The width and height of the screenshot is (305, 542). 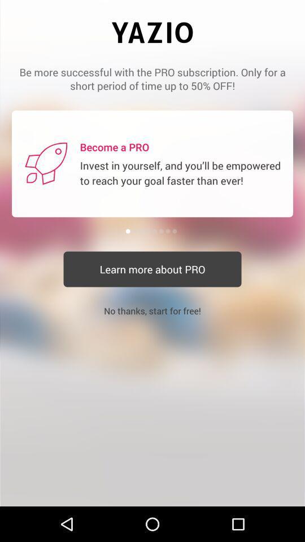 What do you see at coordinates (152, 311) in the screenshot?
I see `the no thanks start item` at bounding box center [152, 311].